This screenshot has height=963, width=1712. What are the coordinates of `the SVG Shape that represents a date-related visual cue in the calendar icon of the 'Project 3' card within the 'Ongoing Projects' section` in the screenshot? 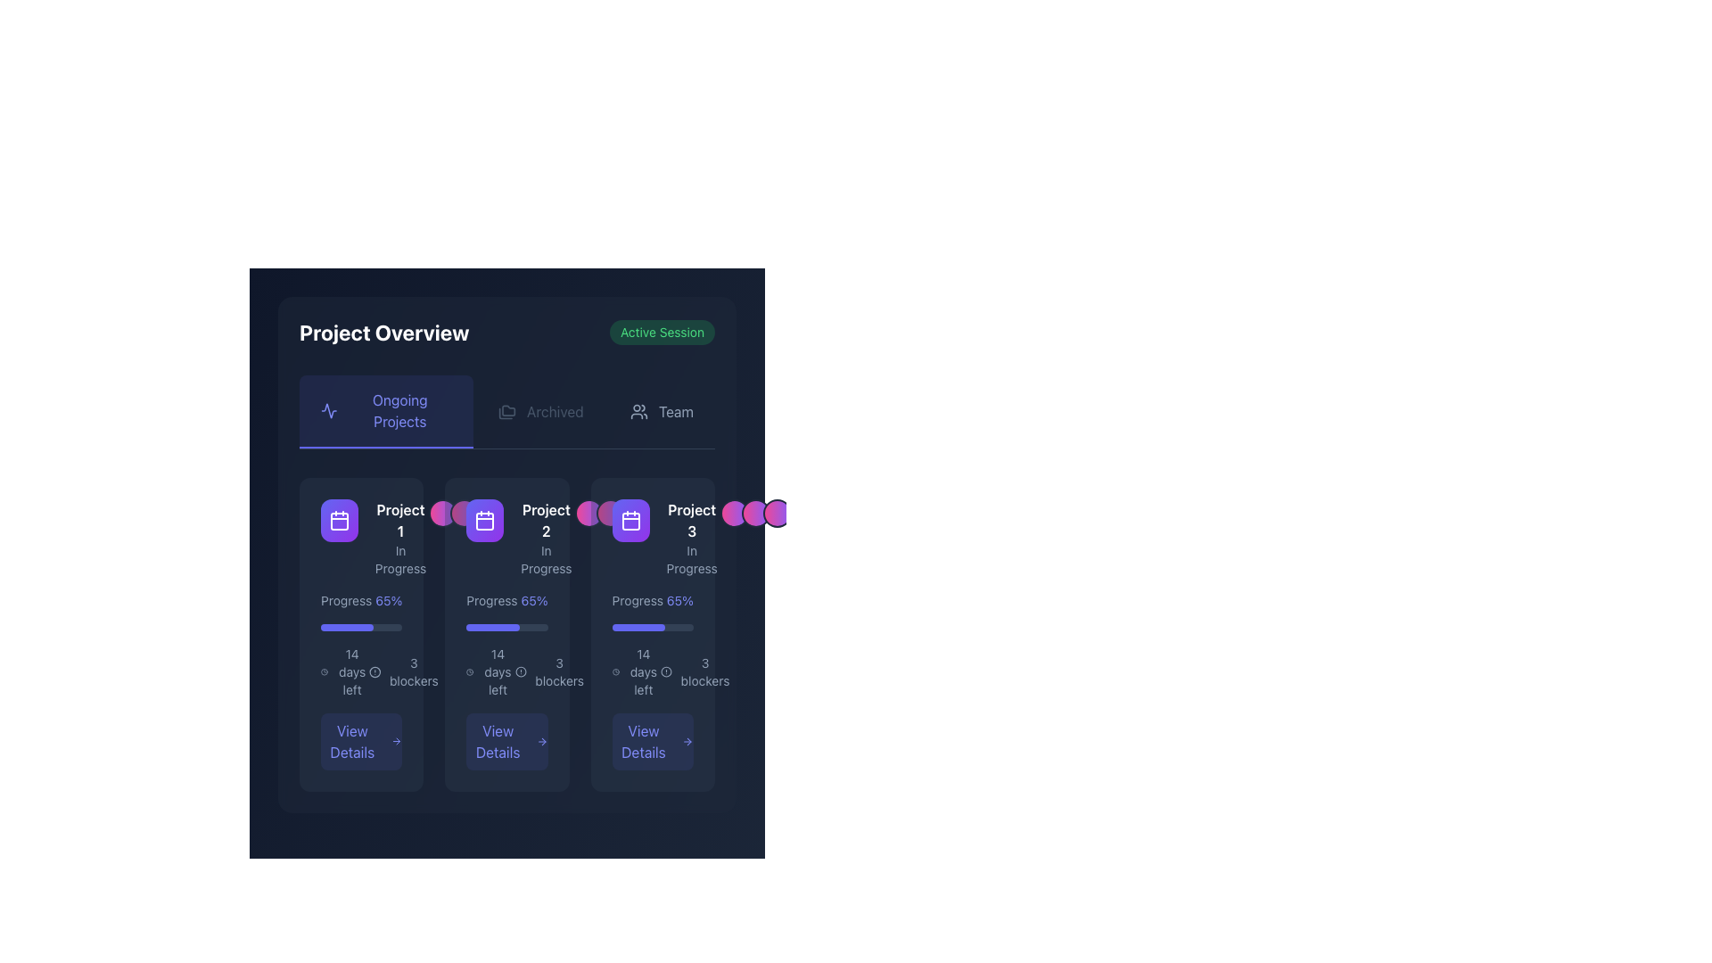 It's located at (630, 522).